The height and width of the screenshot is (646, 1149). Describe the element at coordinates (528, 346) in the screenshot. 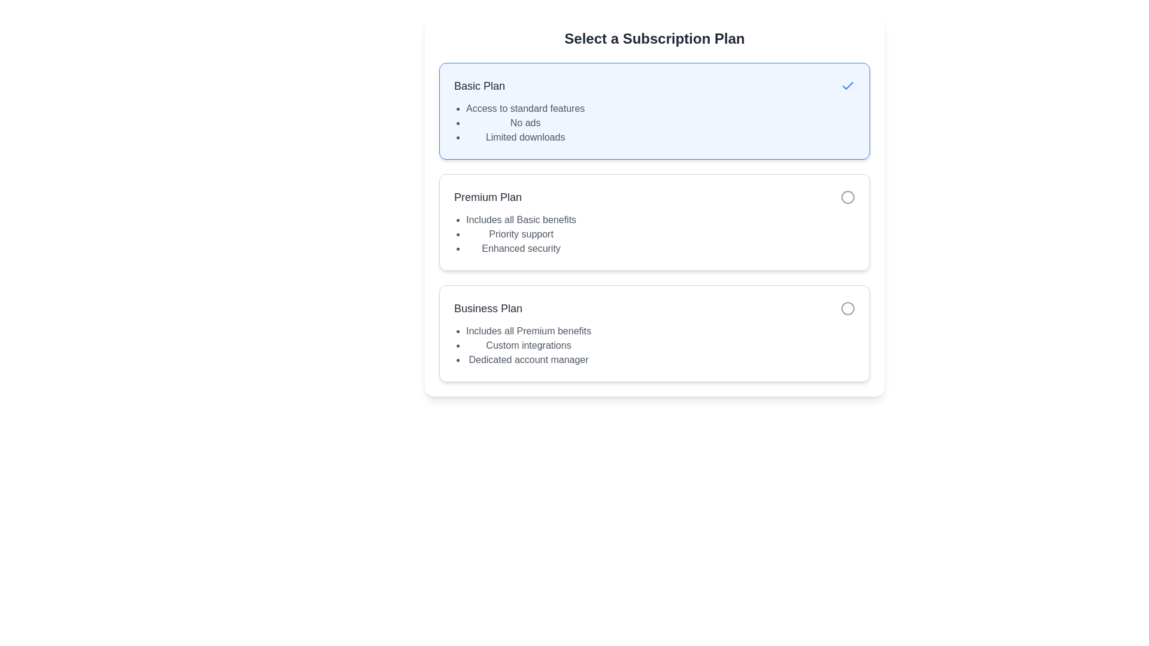

I see `the second item in the bullet-point list of the 'Business Plan' section, which describes a feature included in the Business Plan subscription tier` at that location.